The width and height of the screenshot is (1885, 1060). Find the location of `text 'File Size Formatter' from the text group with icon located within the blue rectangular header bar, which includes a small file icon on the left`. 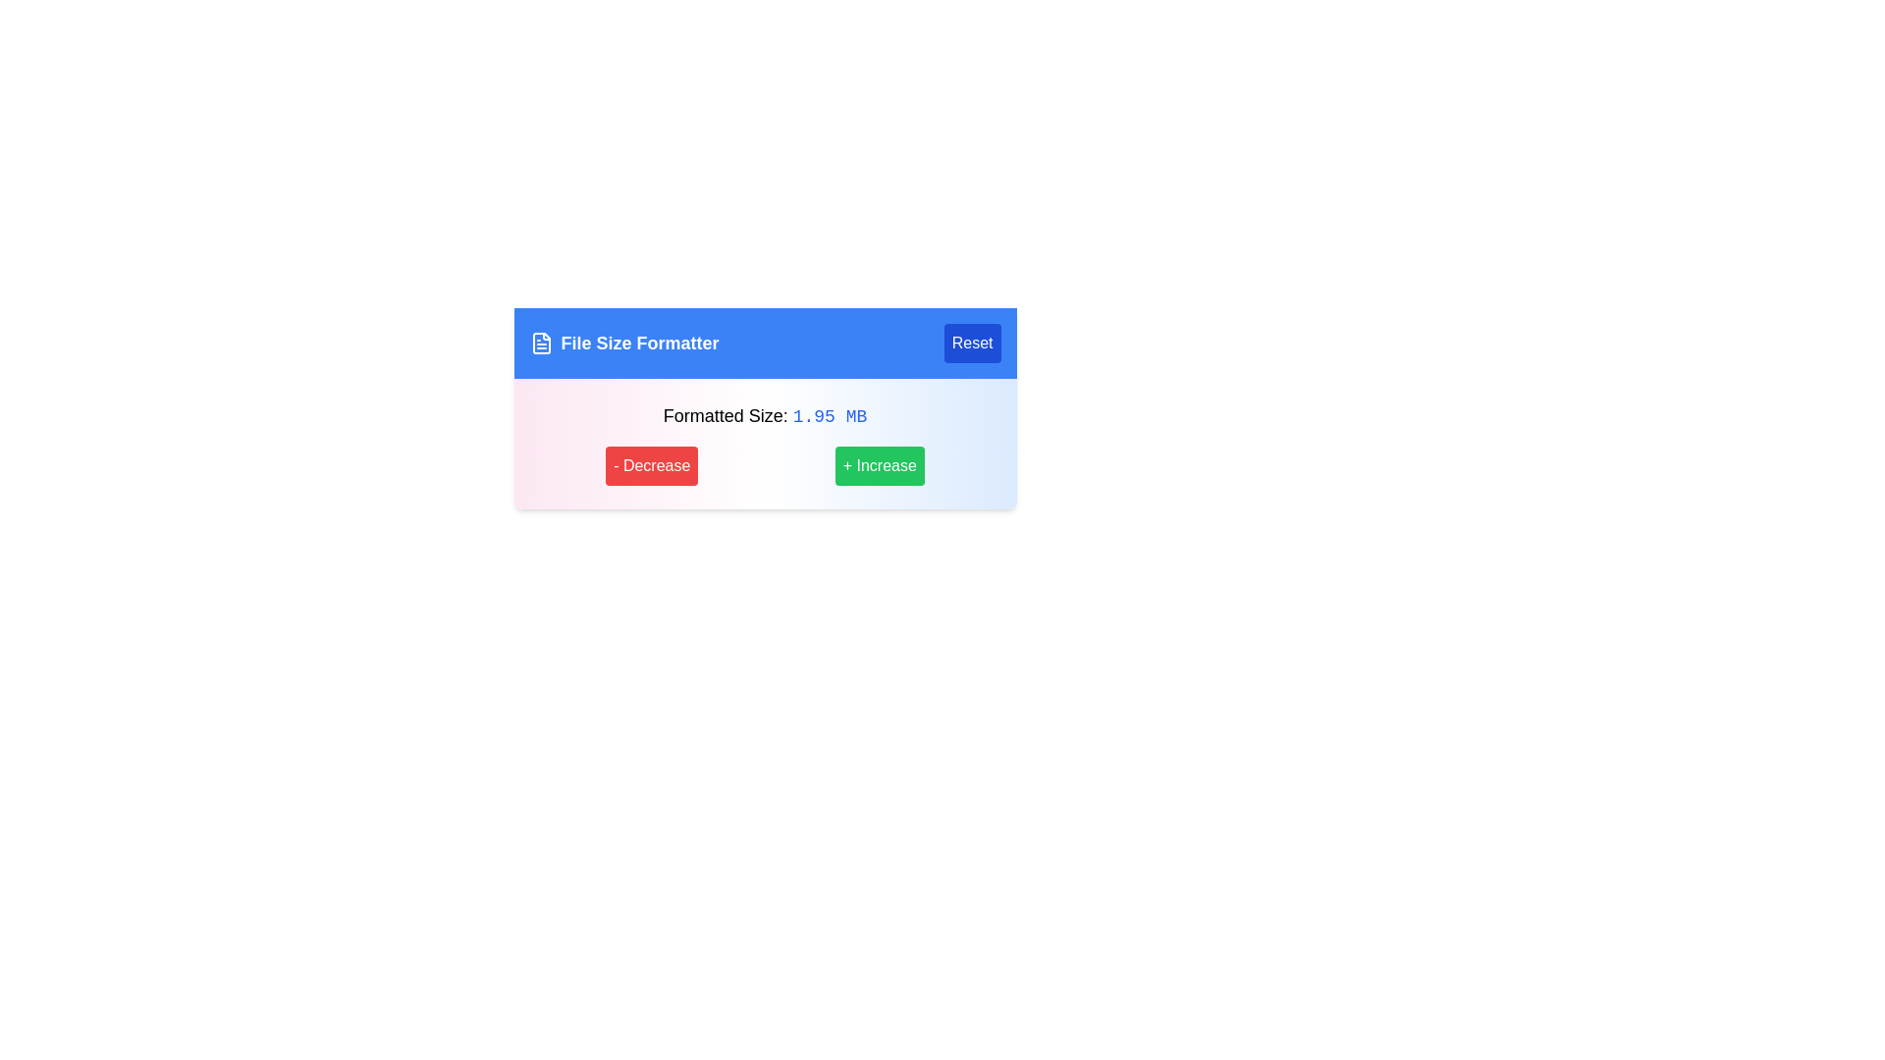

text 'File Size Formatter' from the text group with icon located within the blue rectangular header bar, which includes a small file icon on the left is located at coordinates (623, 343).